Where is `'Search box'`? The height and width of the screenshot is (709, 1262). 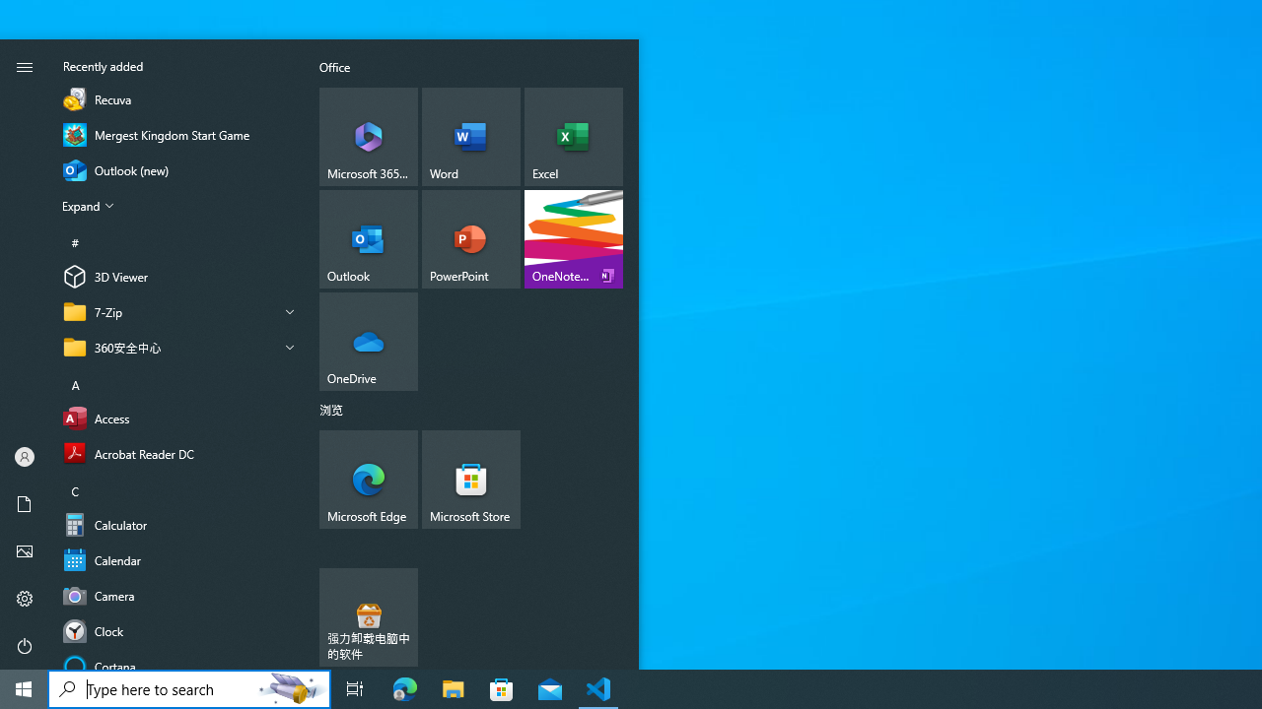 'Search box' is located at coordinates (149, 687).